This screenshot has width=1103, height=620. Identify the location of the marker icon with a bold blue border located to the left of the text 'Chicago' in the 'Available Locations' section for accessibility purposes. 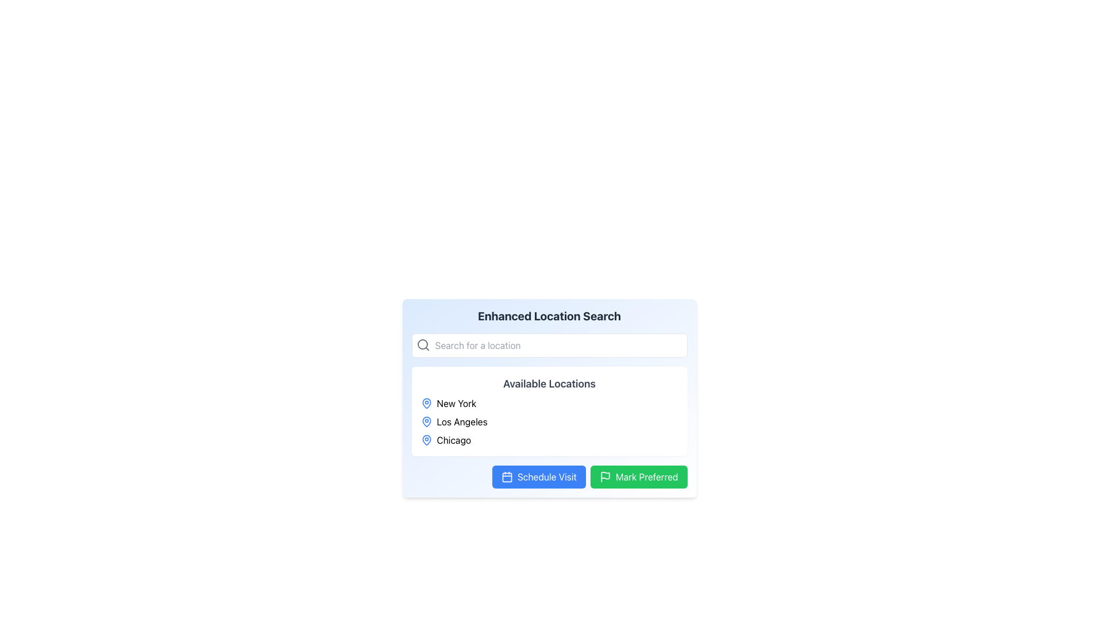
(426, 440).